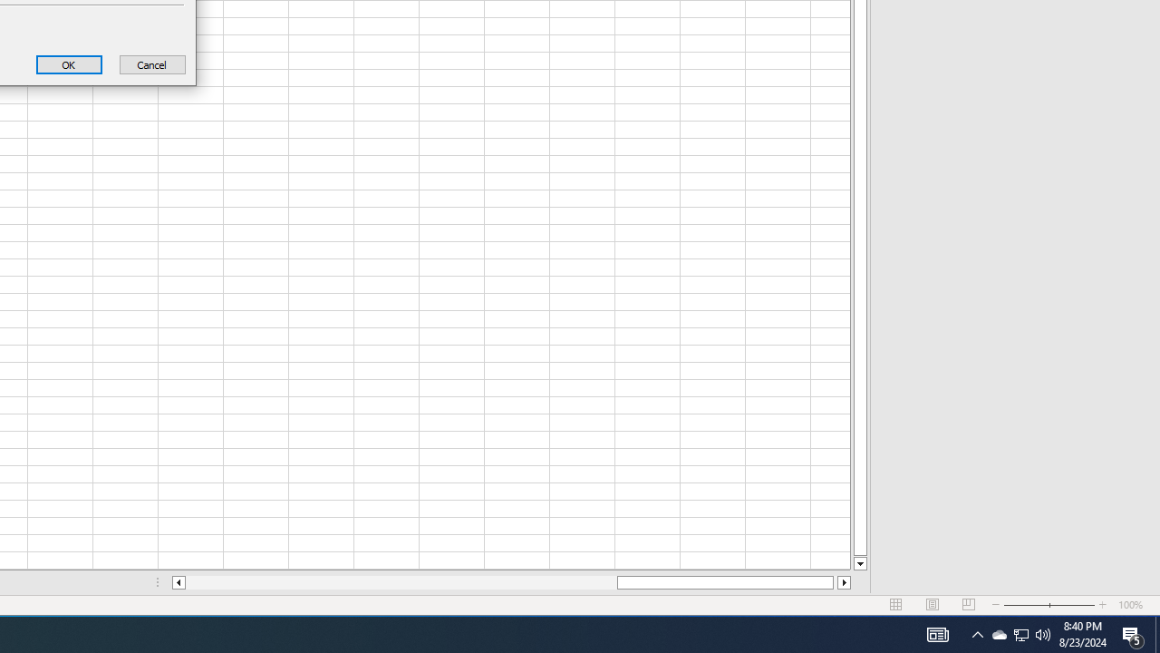 The width and height of the screenshot is (1160, 653). Describe the element at coordinates (1156, 633) in the screenshot. I see `'Show desktop'` at that location.